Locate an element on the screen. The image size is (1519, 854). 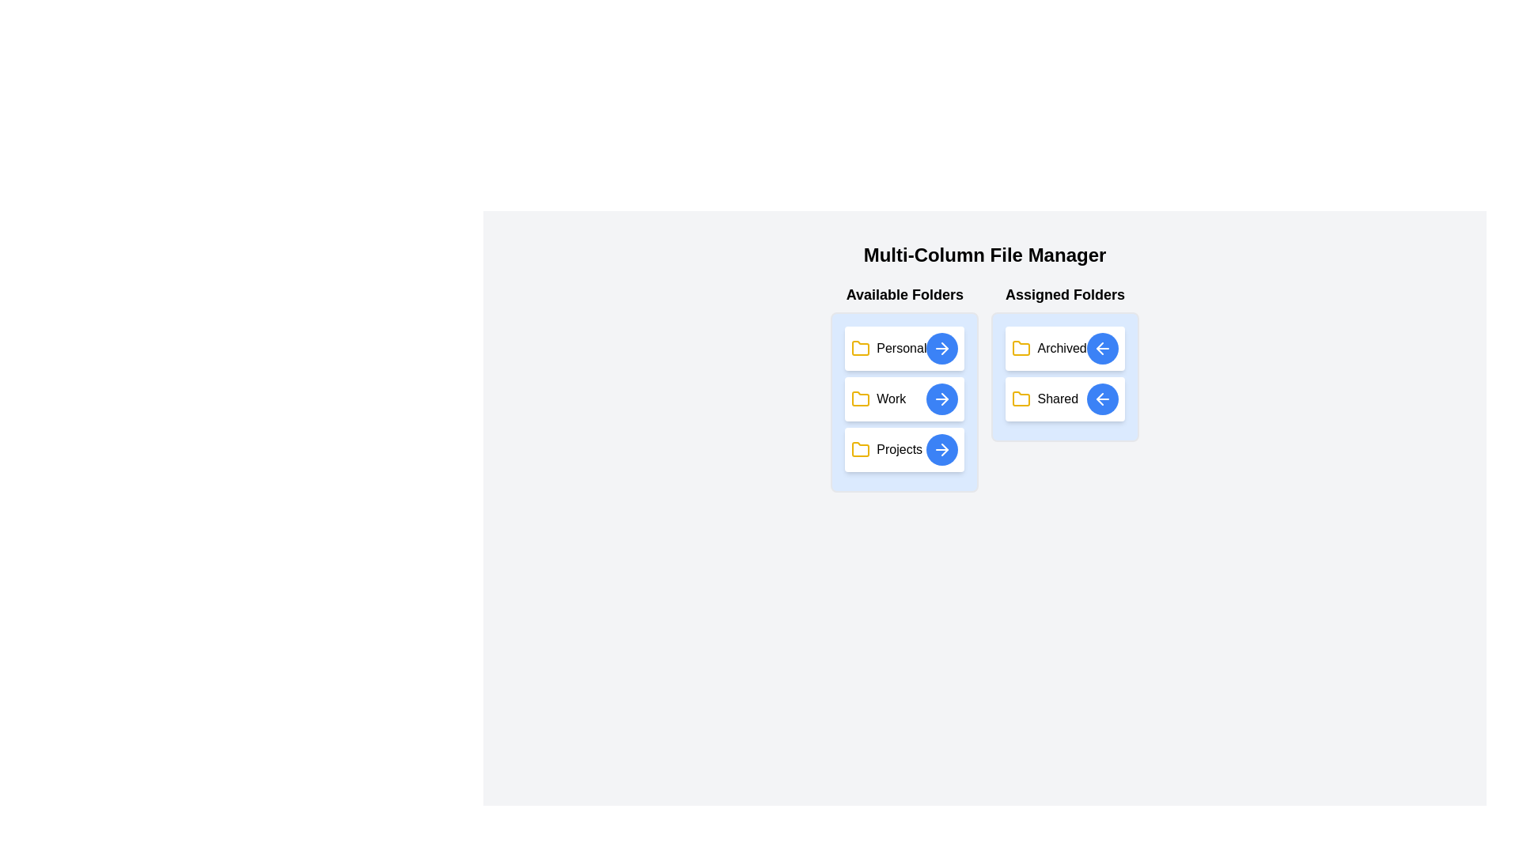
transfer button for the folder 'Work' in the 'Available Folders' column to move it to the 'Assigned Folders' column is located at coordinates (942, 399).